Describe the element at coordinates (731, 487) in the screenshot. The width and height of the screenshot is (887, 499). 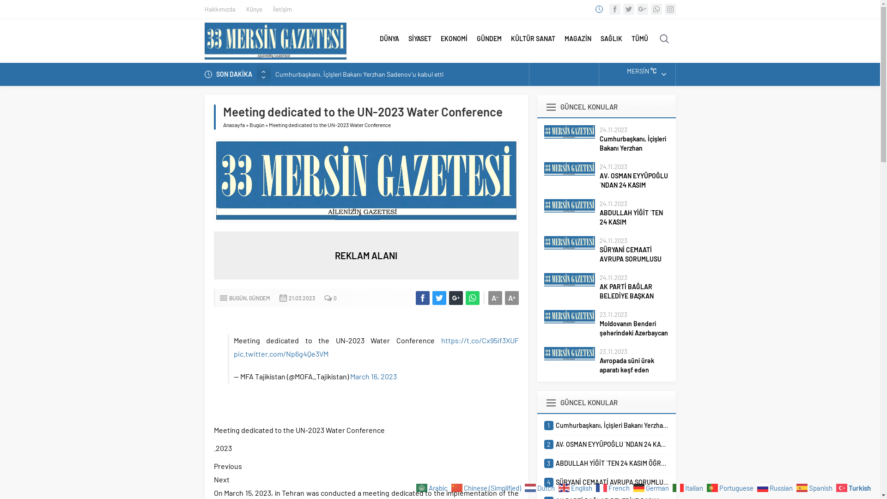
I see `'Portuguese'` at that location.